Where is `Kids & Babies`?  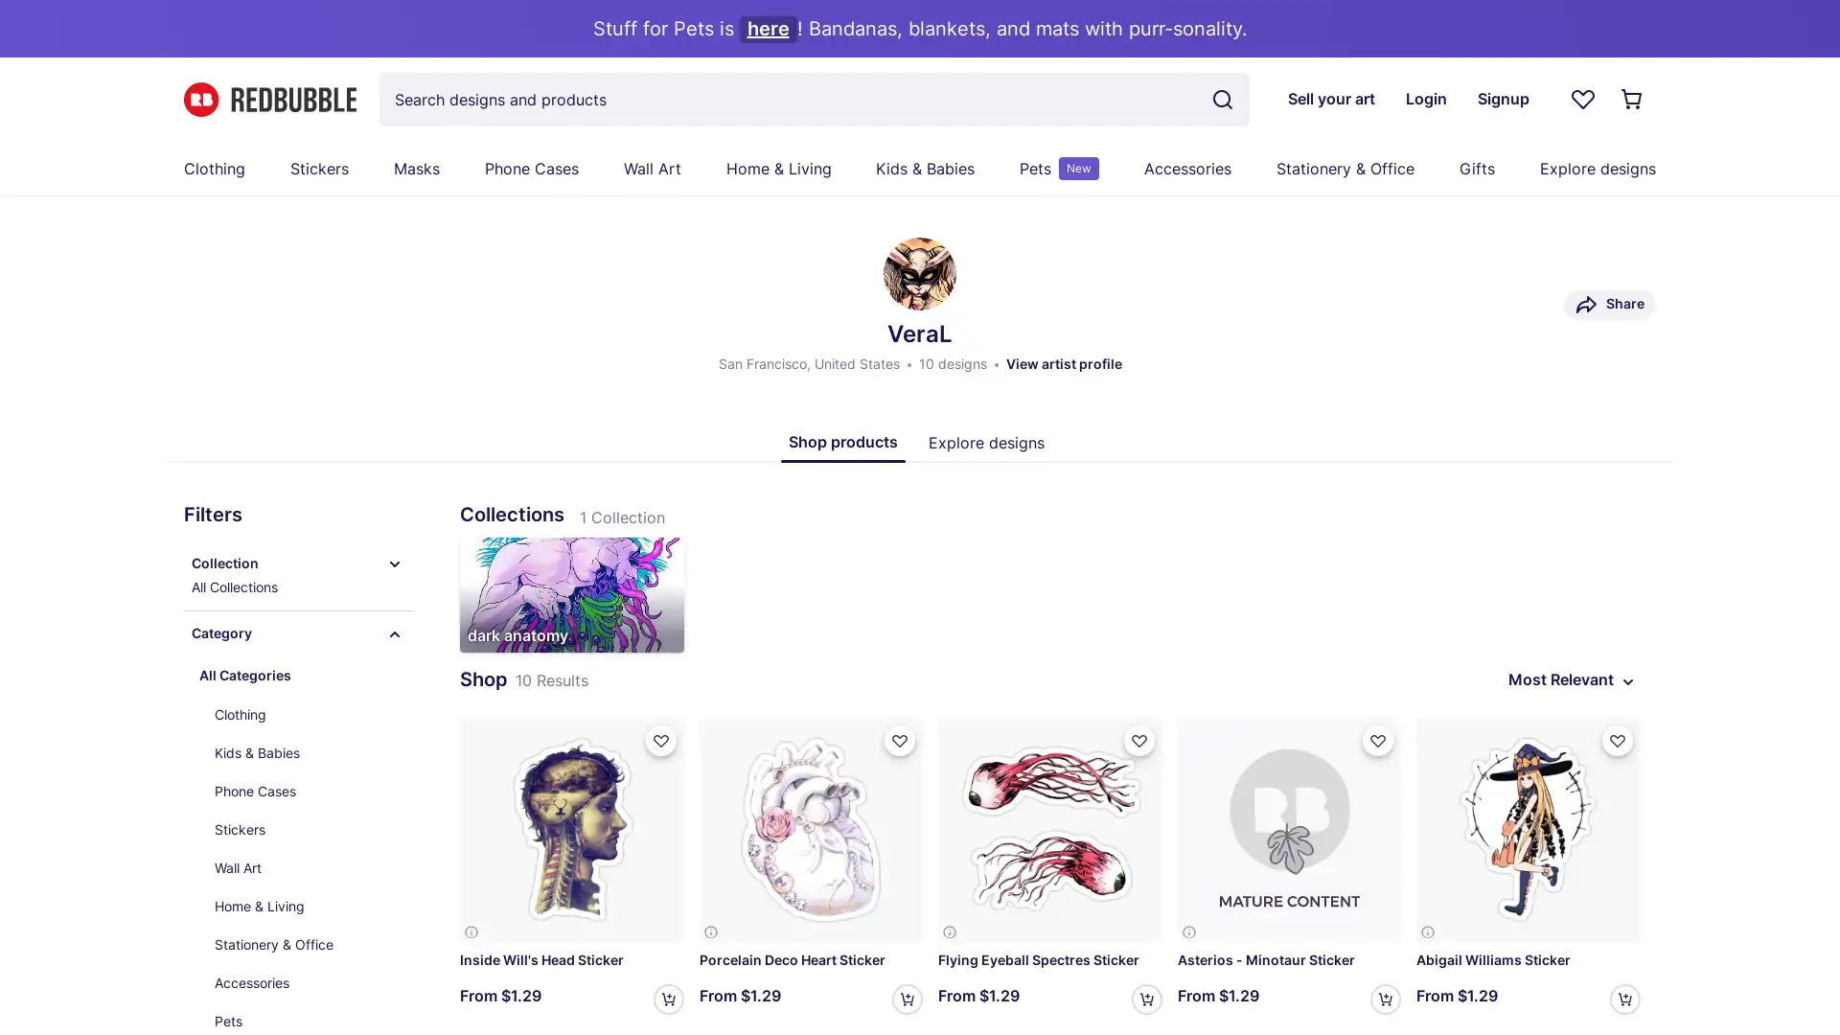
Kids & Babies is located at coordinates (307, 752).